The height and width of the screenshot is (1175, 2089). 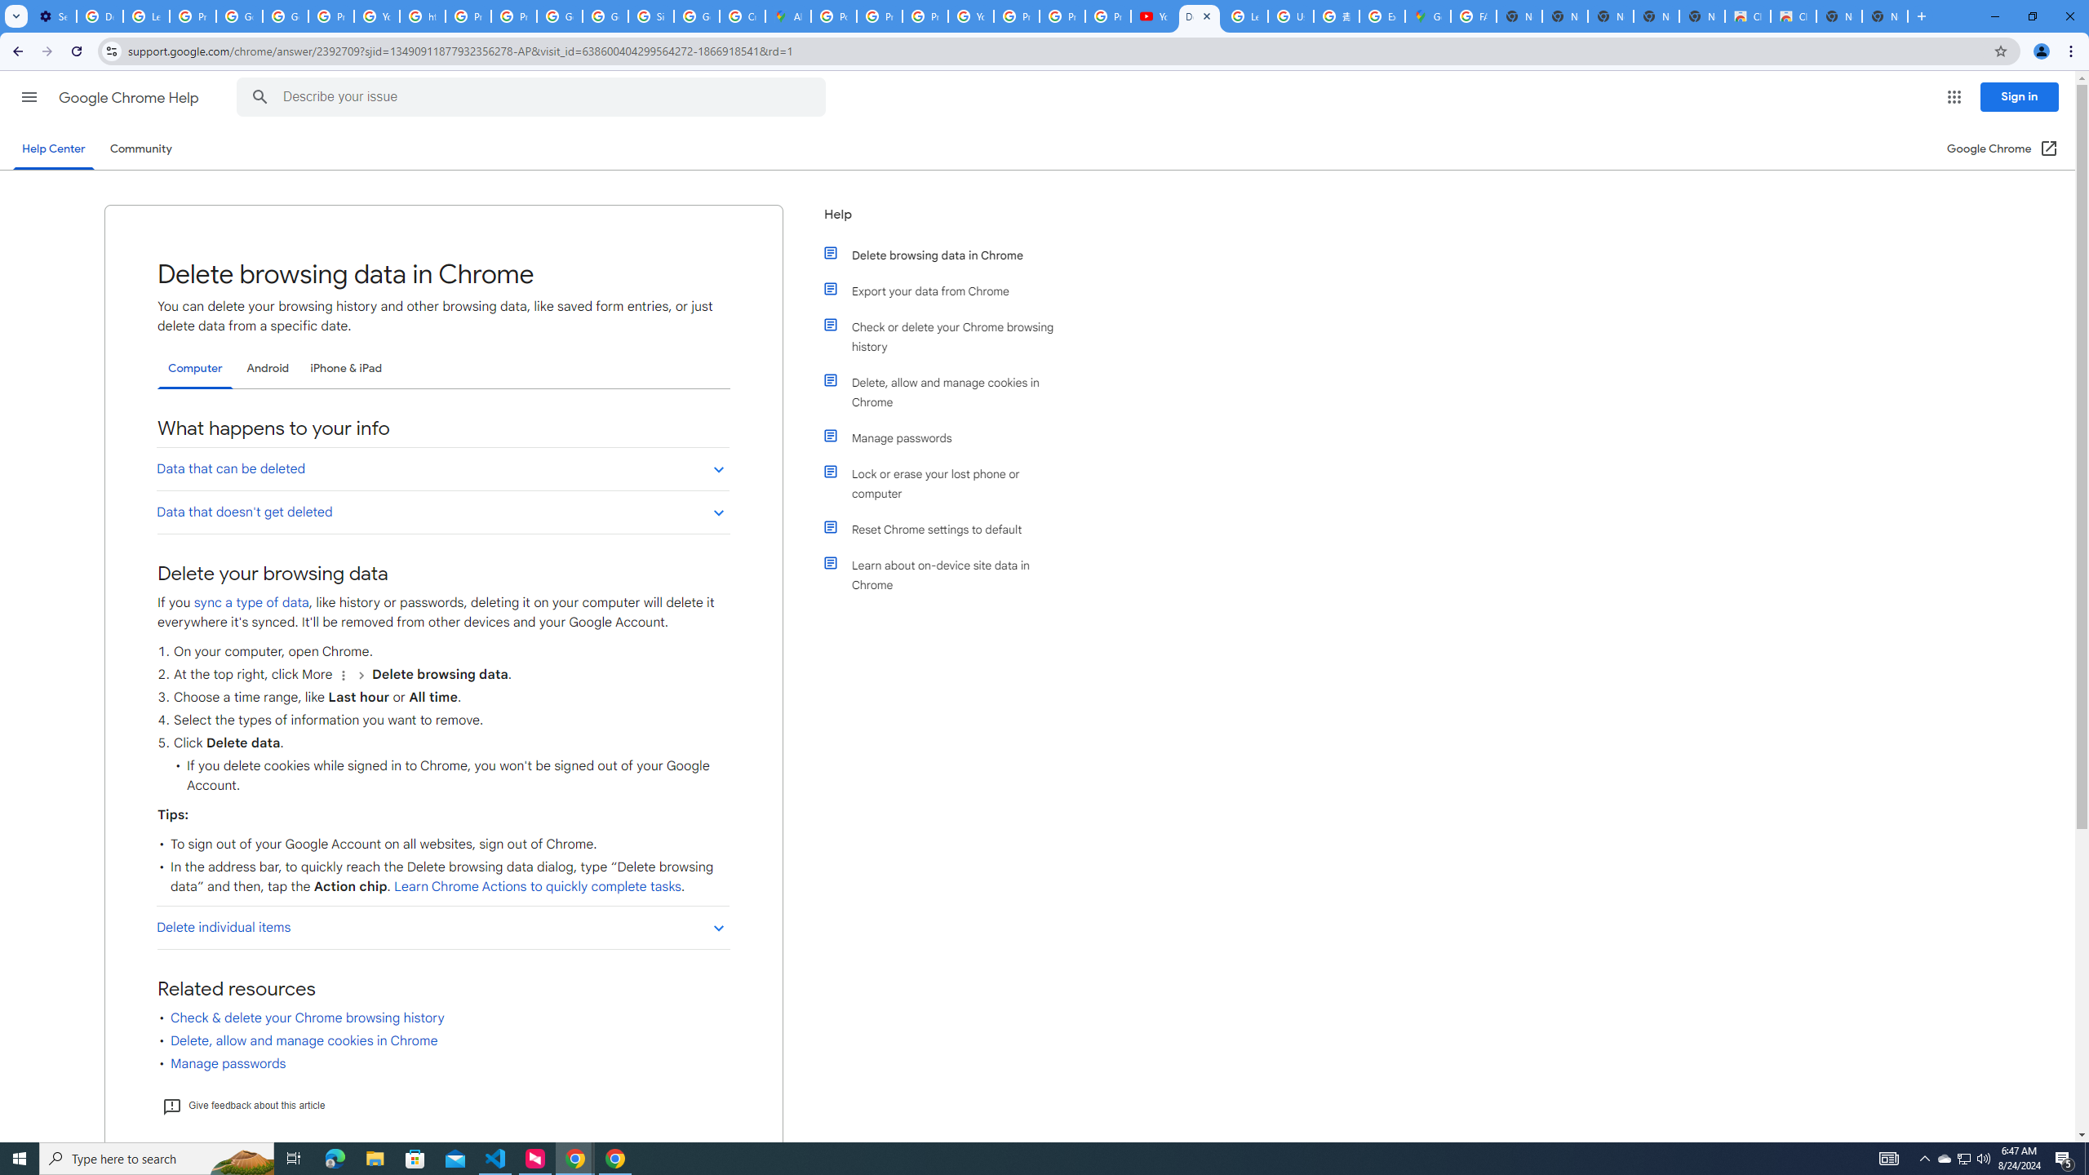 What do you see at coordinates (343, 675) in the screenshot?
I see `'More'` at bounding box center [343, 675].